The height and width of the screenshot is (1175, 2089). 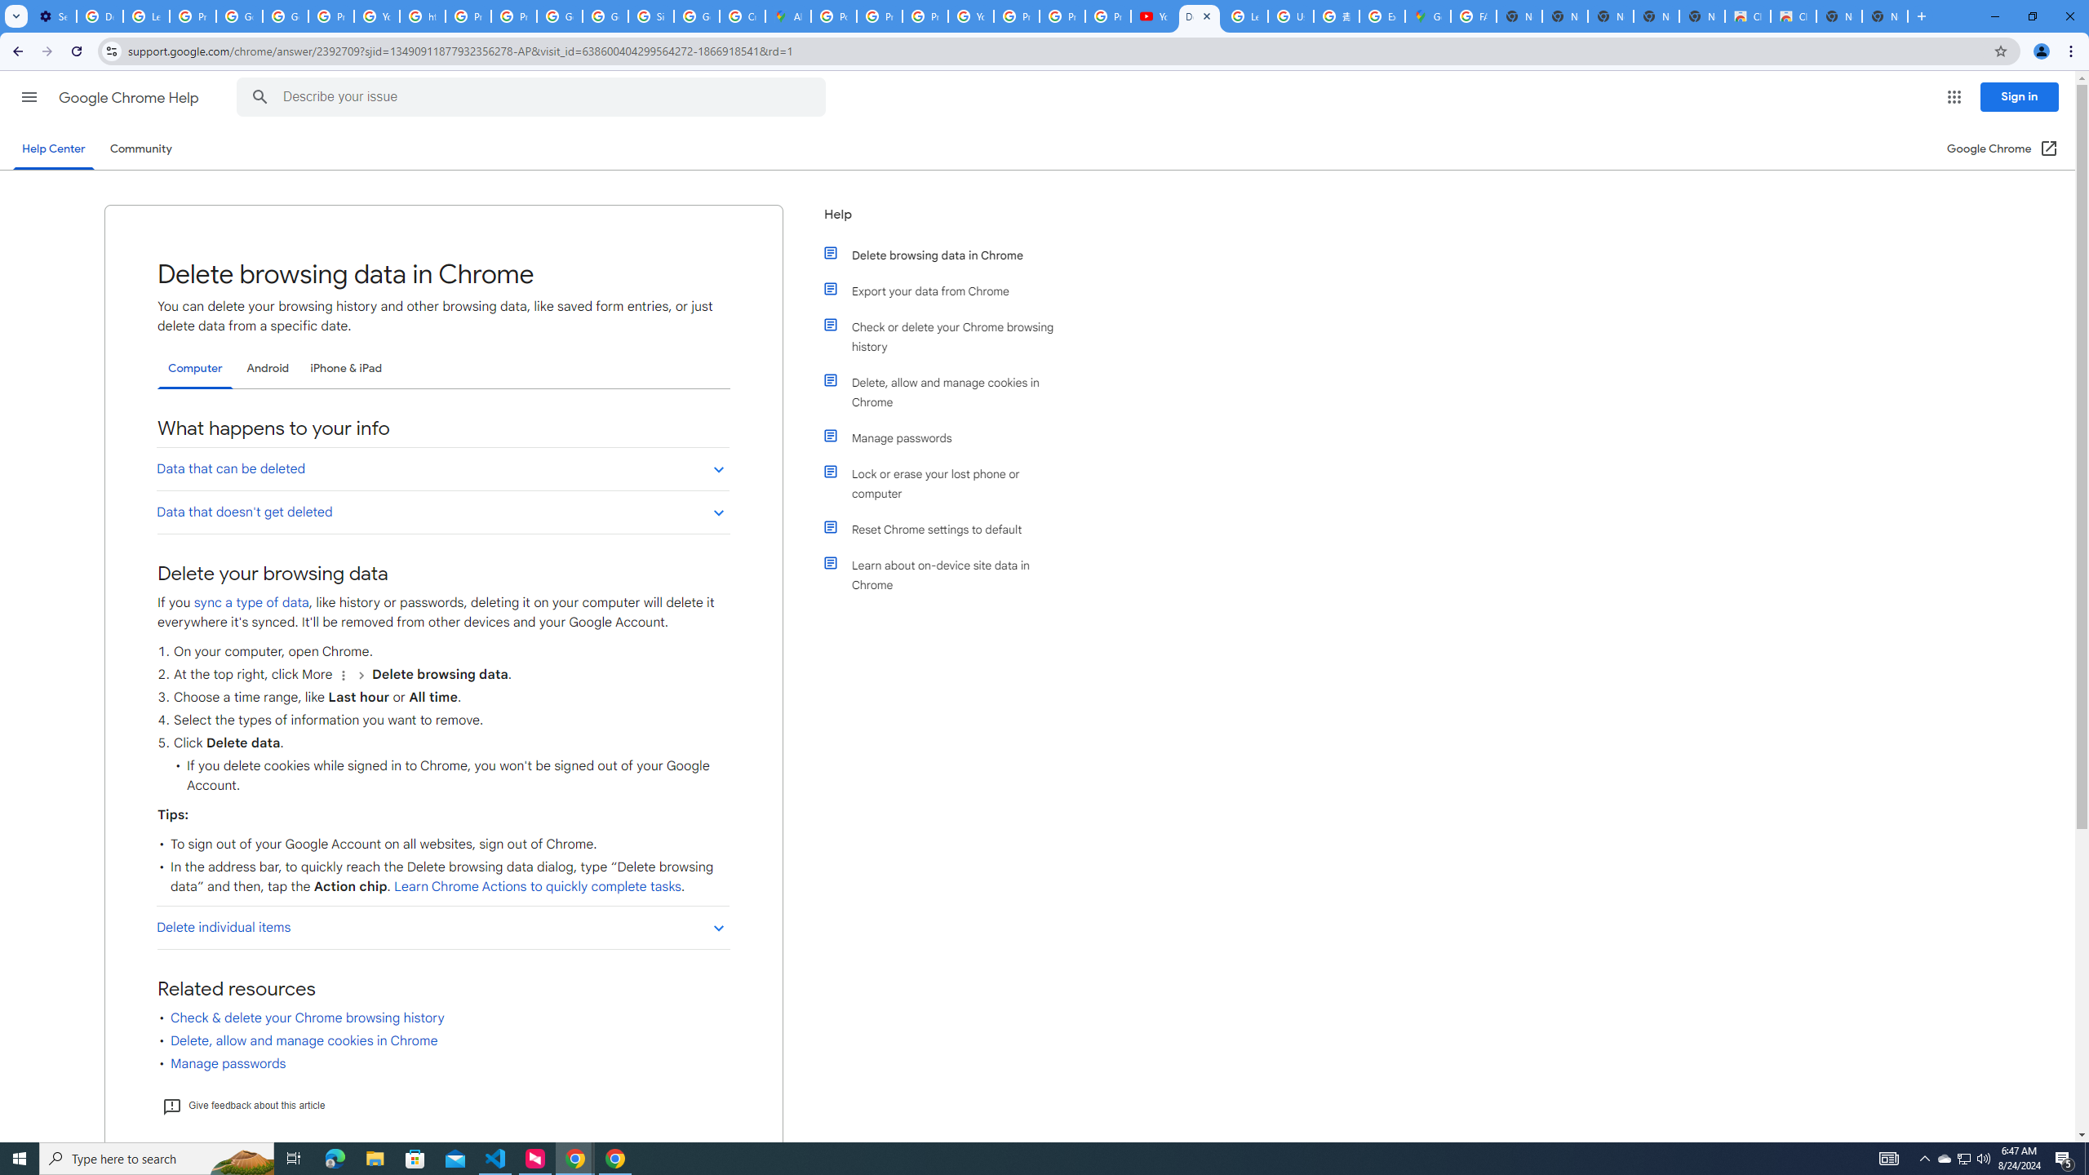 What do you see at coordinates (343, 675) in the screenshot?
I see `'More'` at bounding box center [343, 675].